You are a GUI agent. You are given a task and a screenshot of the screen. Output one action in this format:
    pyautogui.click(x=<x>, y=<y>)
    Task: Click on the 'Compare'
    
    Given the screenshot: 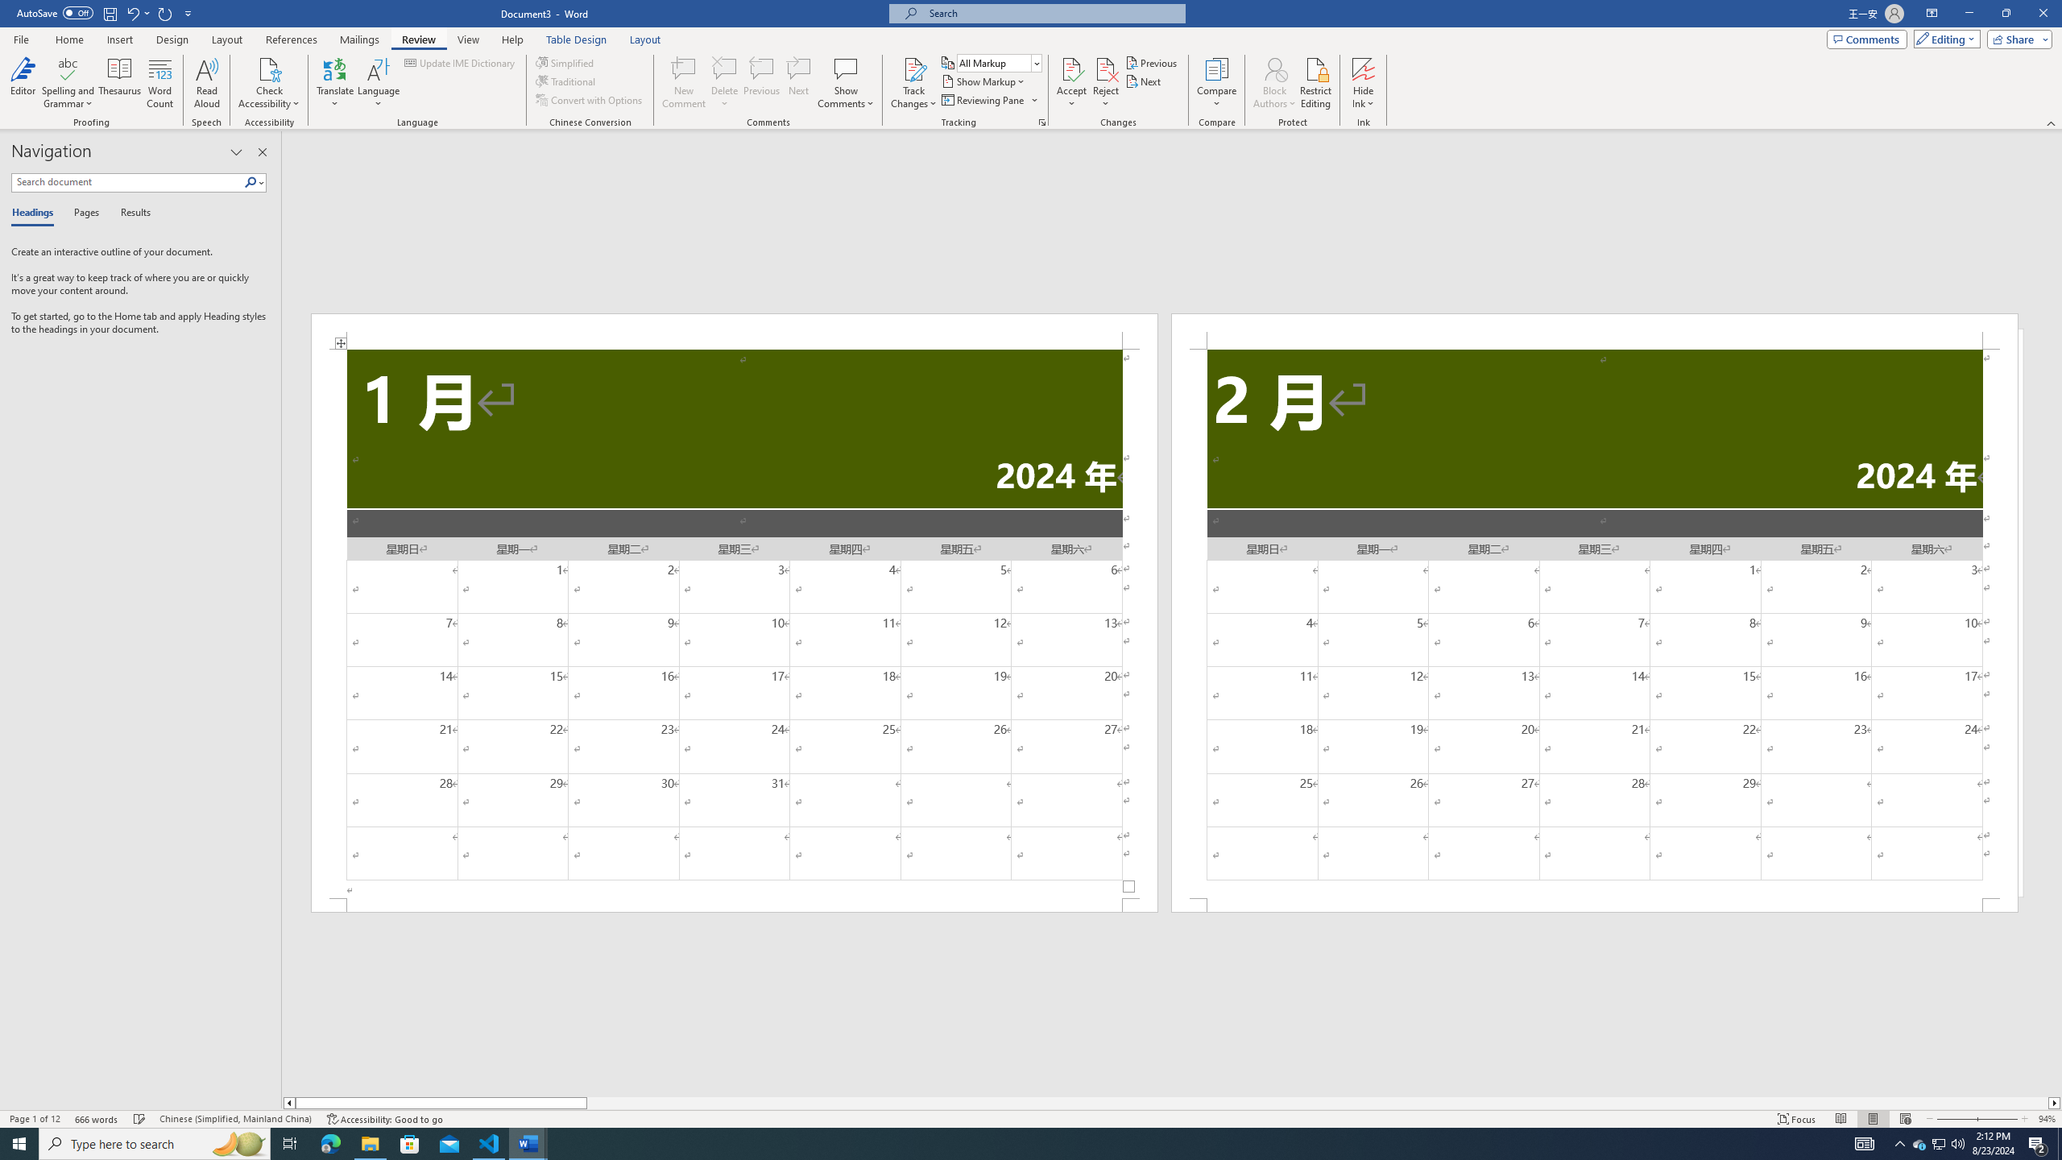 What is the action you would take?
    pyautogui.click(x=1217, y=83)
    